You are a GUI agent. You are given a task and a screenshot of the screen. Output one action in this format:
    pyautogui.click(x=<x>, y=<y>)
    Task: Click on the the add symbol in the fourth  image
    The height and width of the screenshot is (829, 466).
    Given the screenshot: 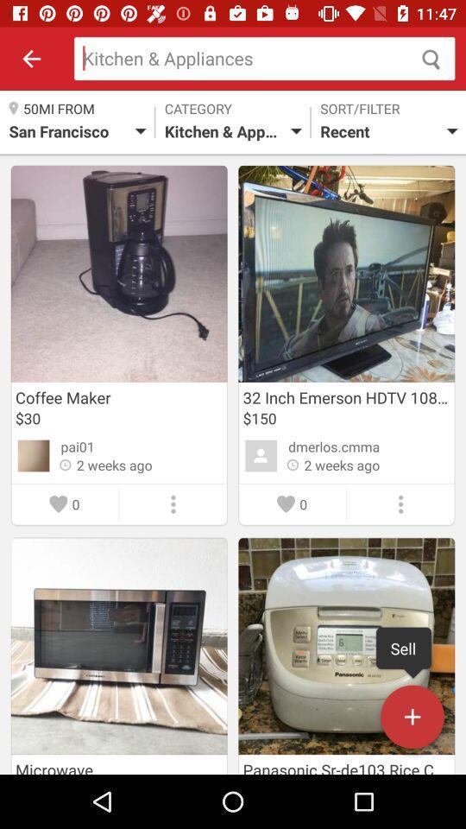 What is the action you would take?
    pyautogui.click(x=412, y=720)
    